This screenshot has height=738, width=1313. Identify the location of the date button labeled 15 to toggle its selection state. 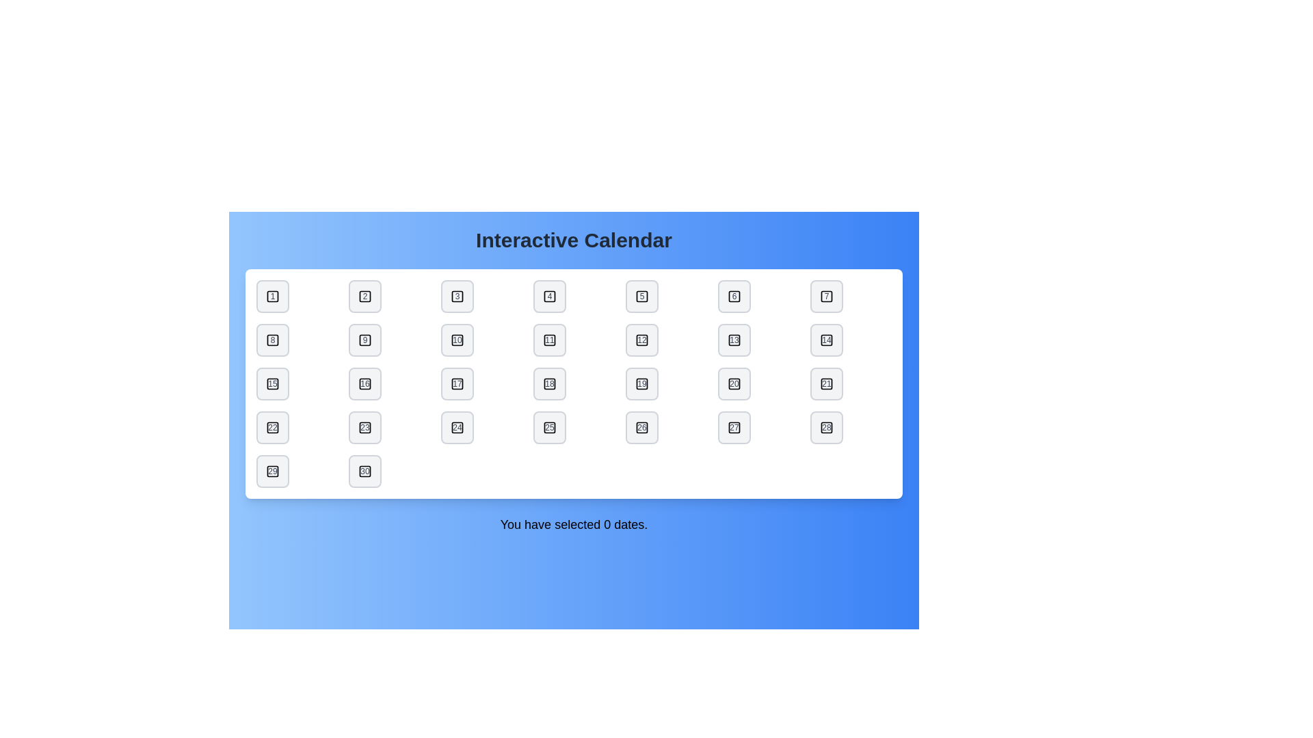
(272, 384).